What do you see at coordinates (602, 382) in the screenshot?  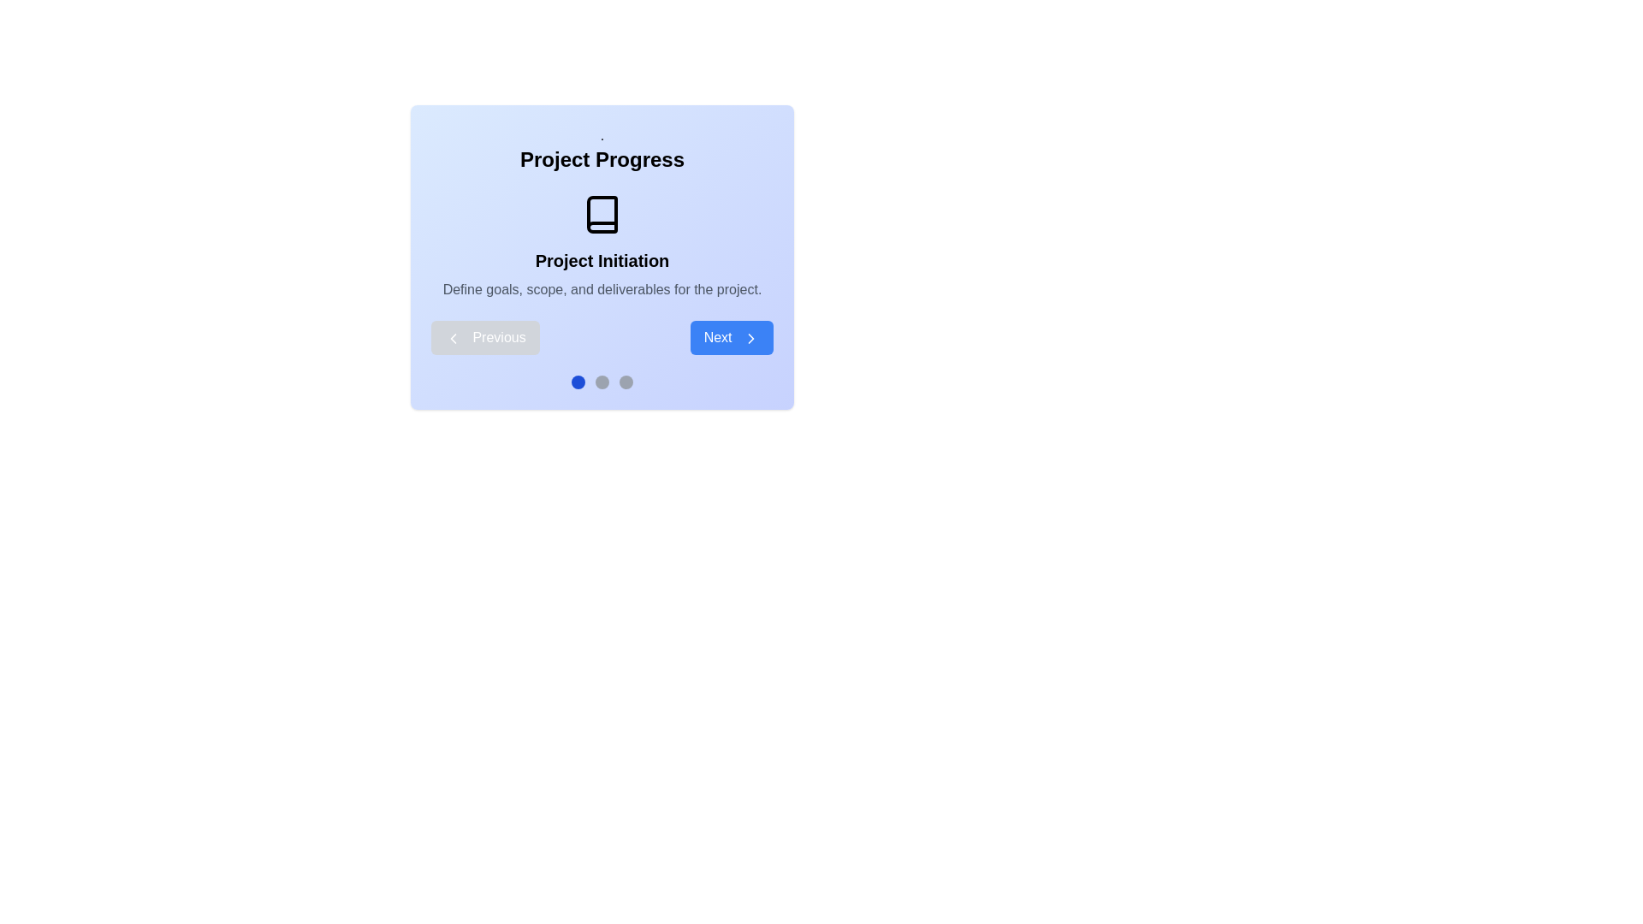 I see `the state of the second circular progress indicator, which is gray and indicates an inactive or unselected state in the sequence of horizontal indicators` at bounding box center [602, 382].